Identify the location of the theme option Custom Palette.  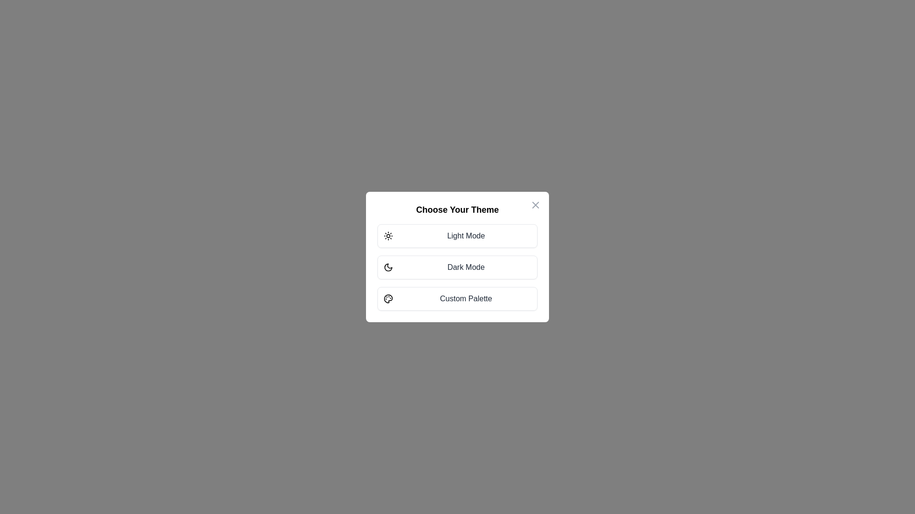
(457, 298).